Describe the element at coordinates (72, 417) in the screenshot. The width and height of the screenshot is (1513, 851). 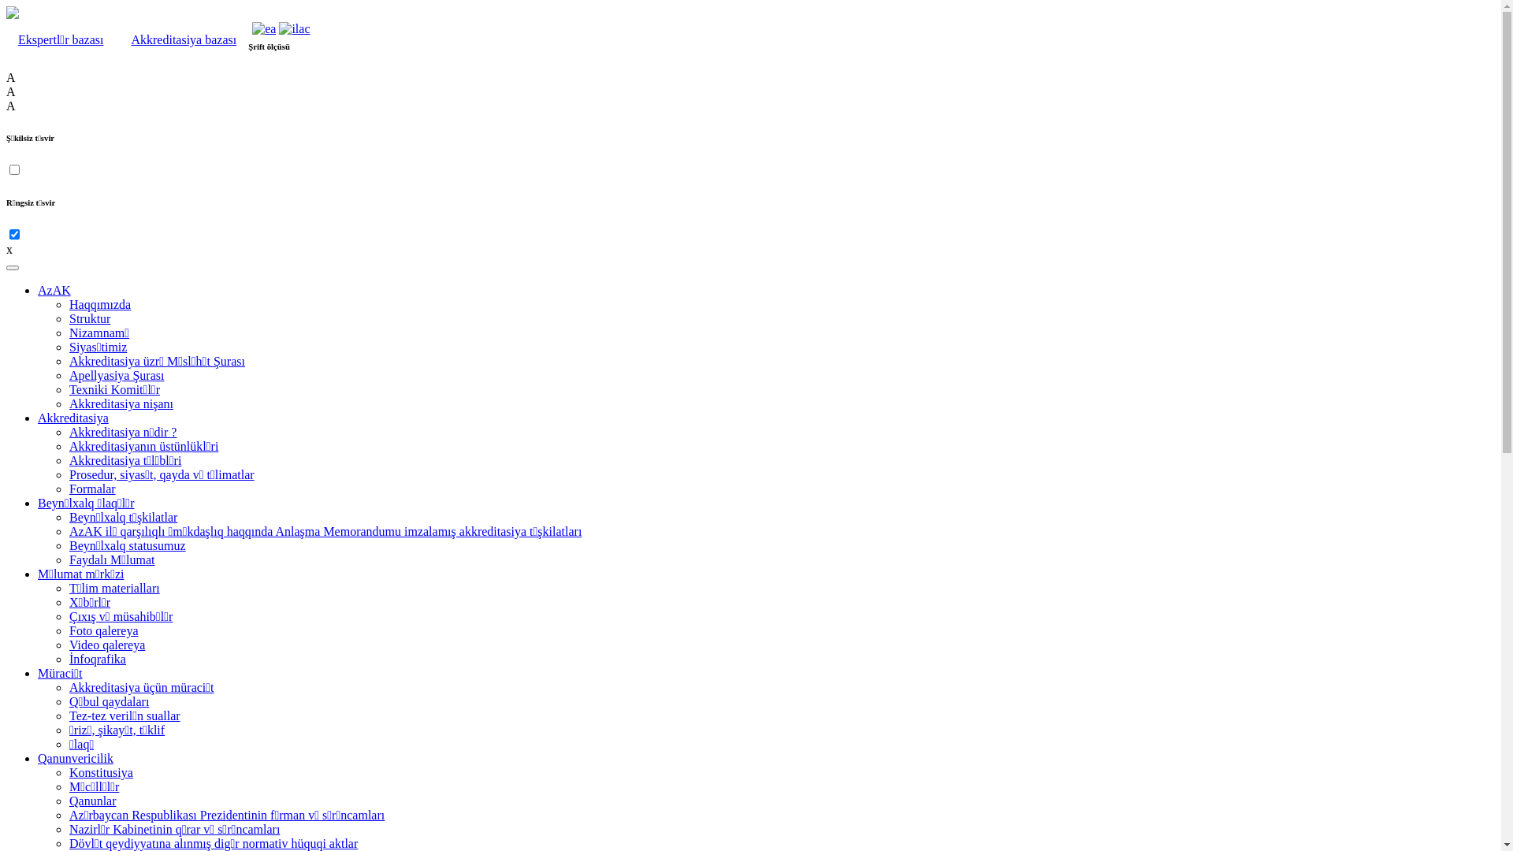
I see `'Akkreditasiya'` at that location.